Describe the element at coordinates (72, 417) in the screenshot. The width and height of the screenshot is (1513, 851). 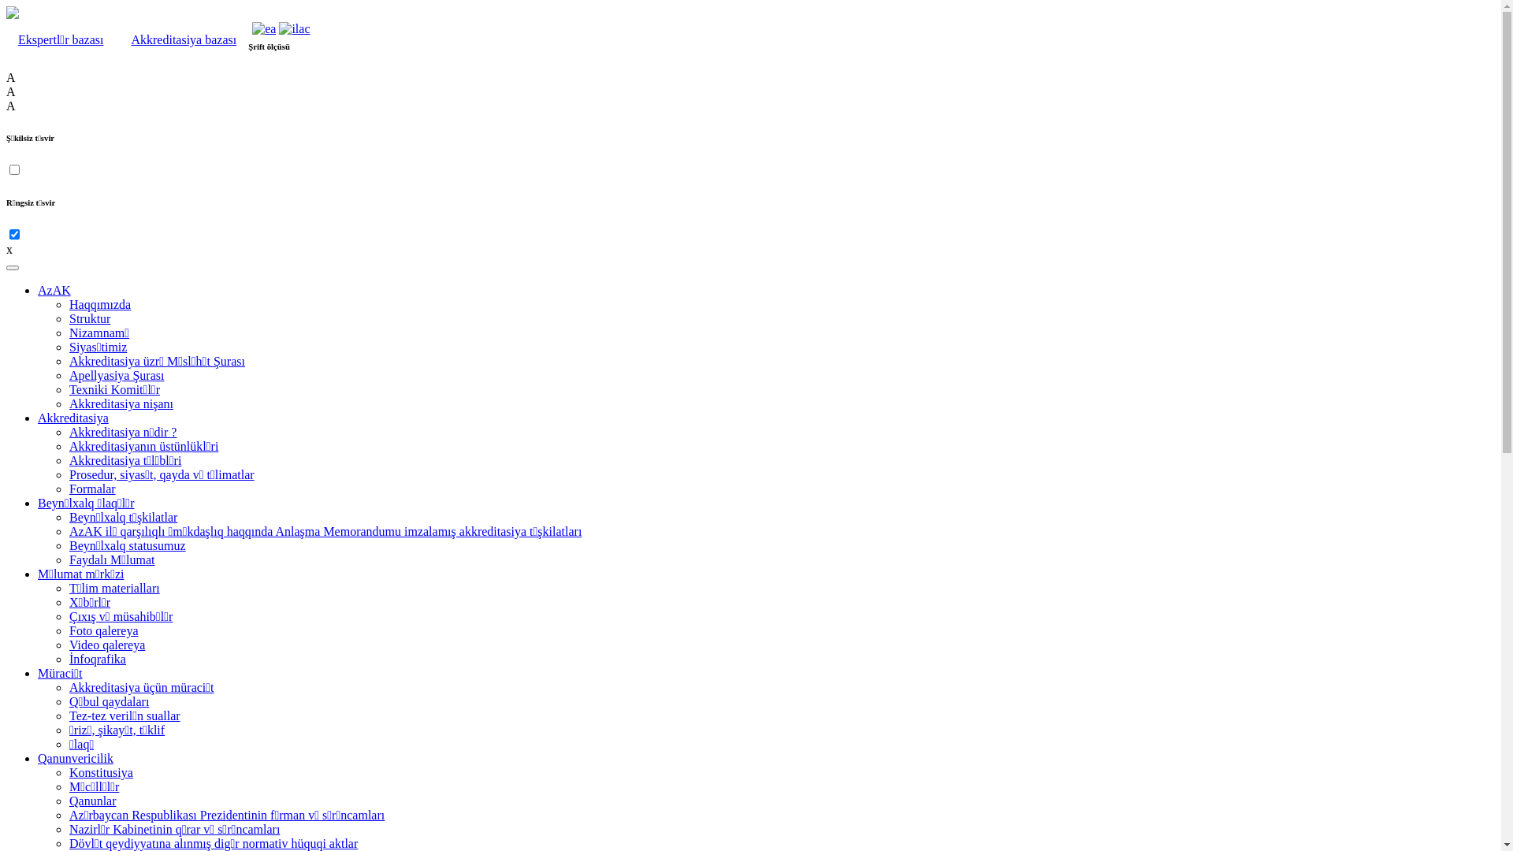
I see `'Akkreditasiya'` at that location.